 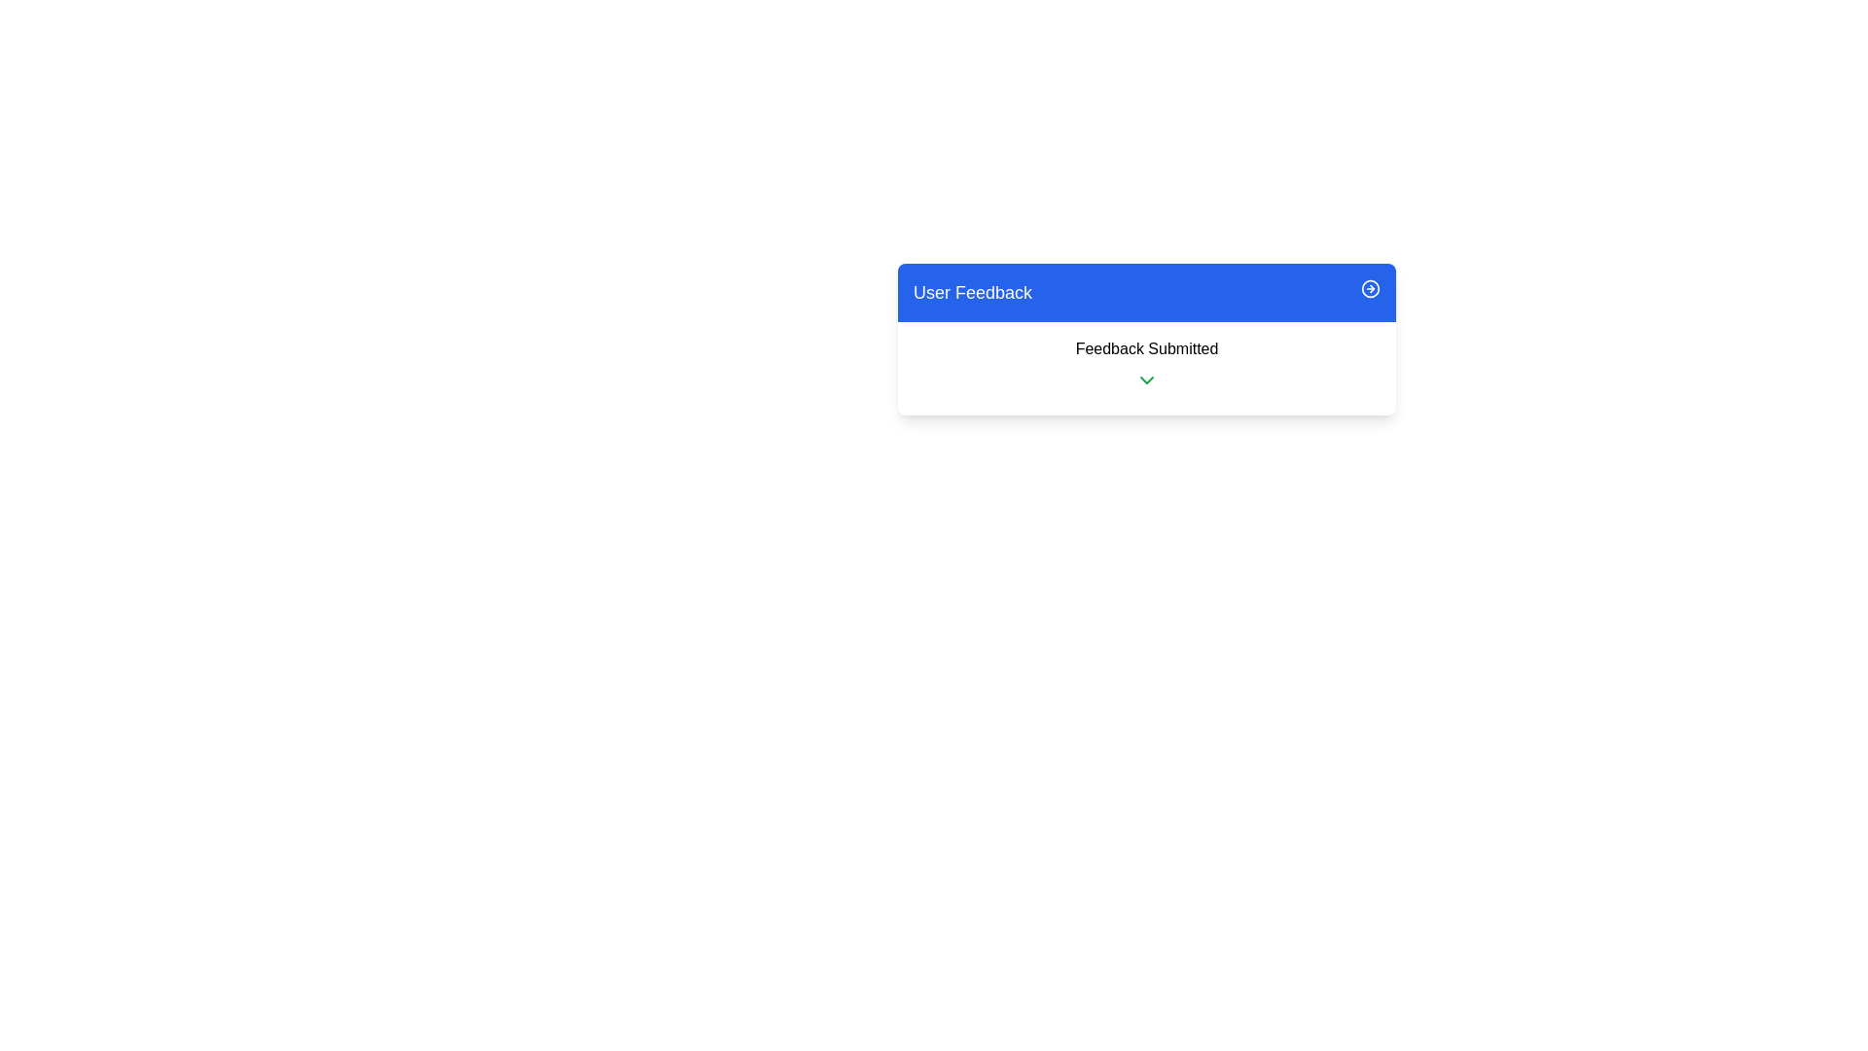 I want to click on properties of the circular outline element representing the outer shape of a right-arrow icon located at the top right corner of the feedback dialog box, so click(x=1370, y=289).